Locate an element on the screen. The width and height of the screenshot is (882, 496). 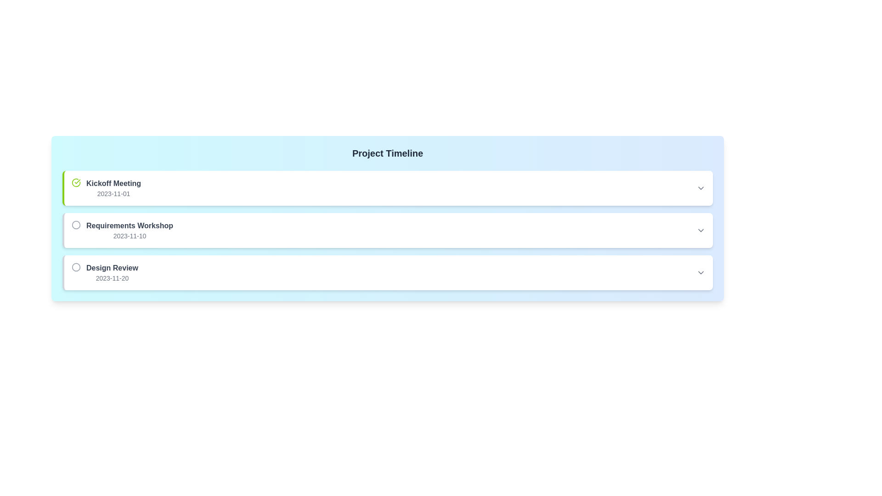
the downward-pointing arrow icon button located at the right side of the 'Requirements Workshop 2023-11-10' section is located at coordinates (701, 230).